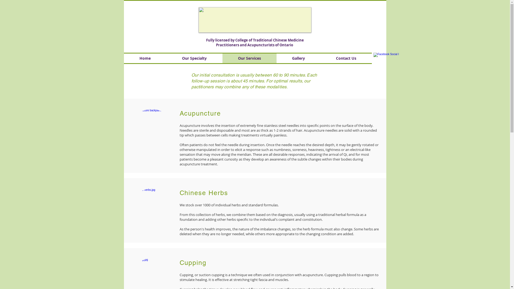 This screenshot has width=514, height=289. What do you see at coordinates (145, 58) in the screenshot?
I see `'Home'` at bounding box center [145, 58].